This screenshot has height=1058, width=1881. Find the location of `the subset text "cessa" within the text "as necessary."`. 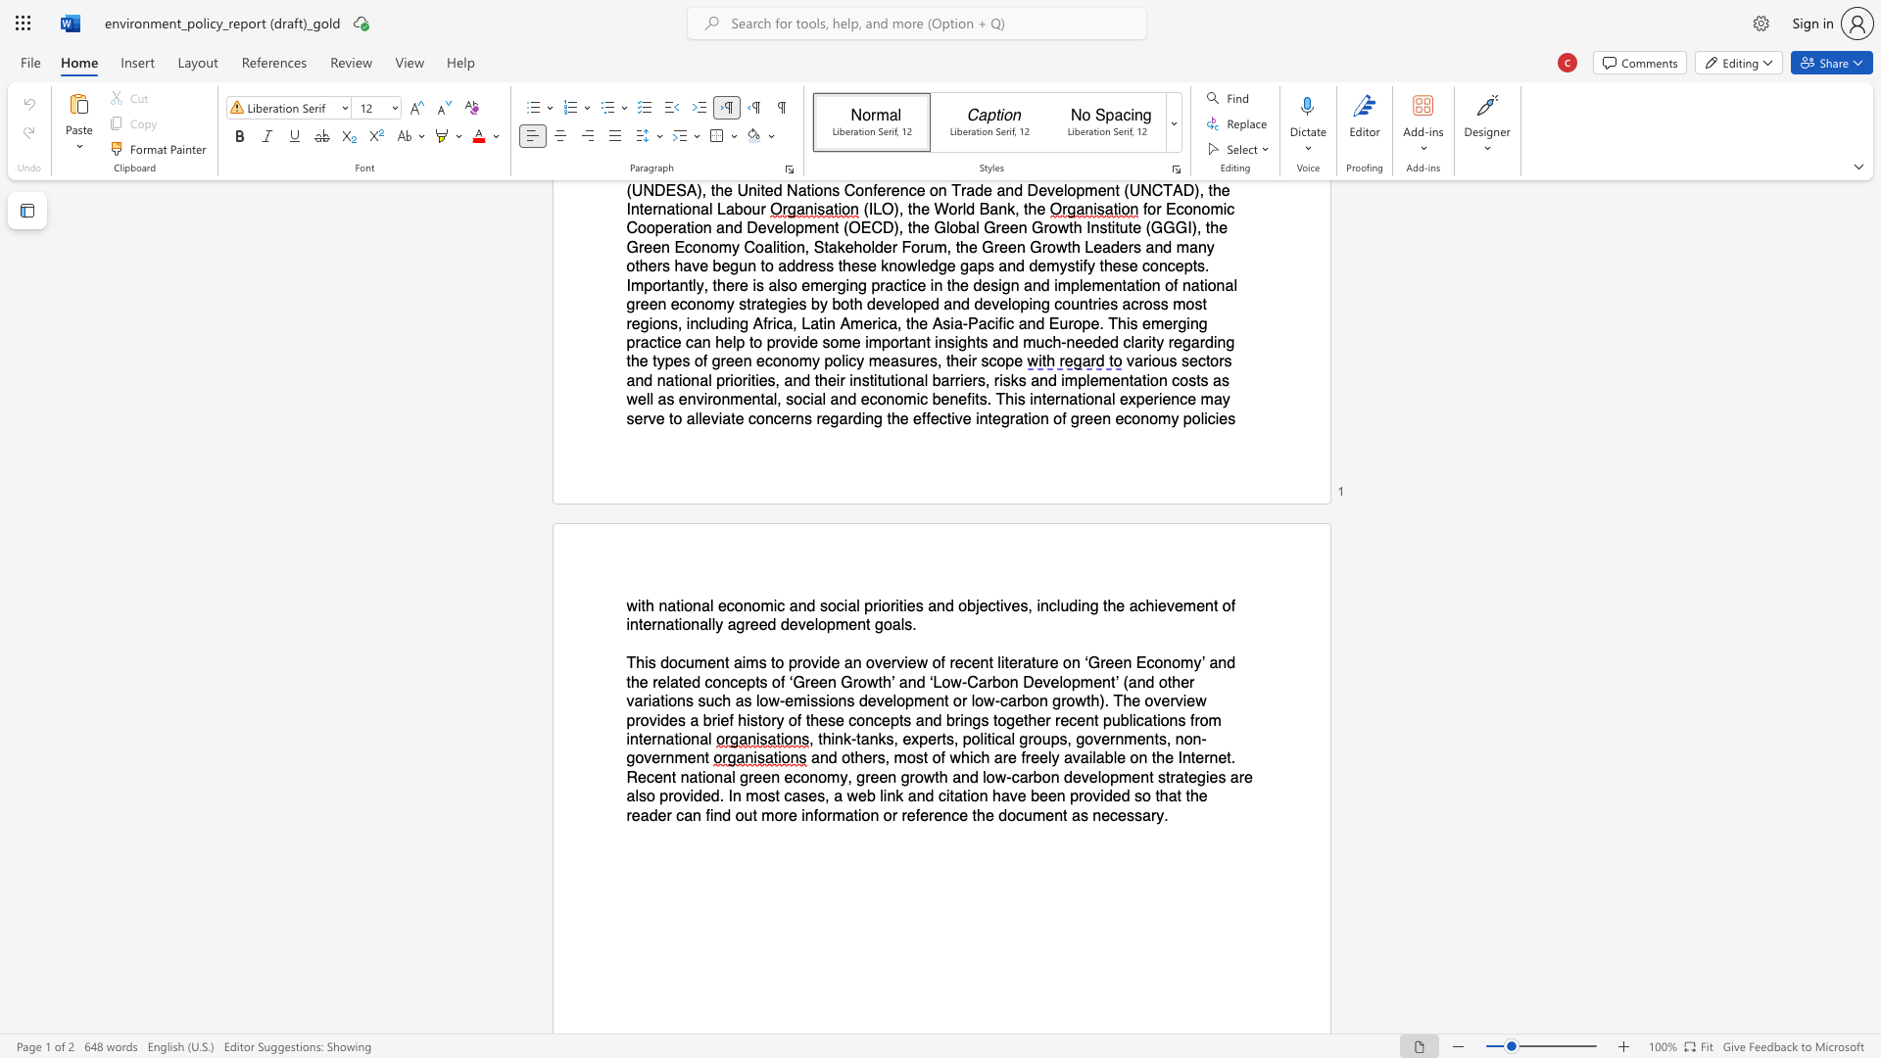

the subset text "cessa" within the text "as necessary." is located at coordinates (1110, 815).